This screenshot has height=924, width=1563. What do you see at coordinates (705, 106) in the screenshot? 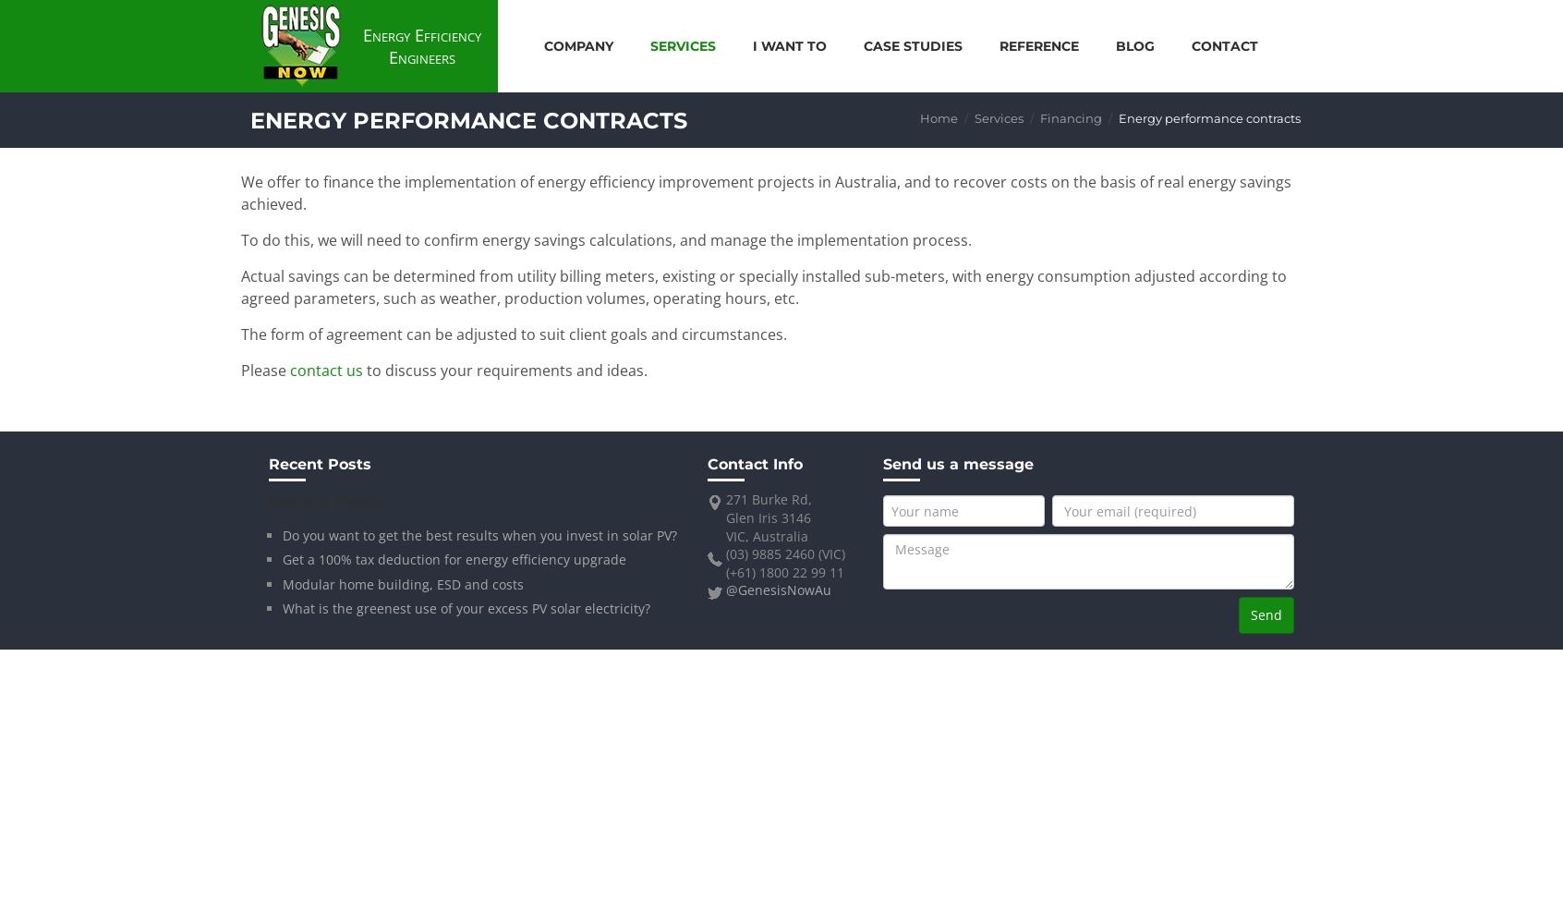
I see `'Energy services'` at bounding box center [705, 106].